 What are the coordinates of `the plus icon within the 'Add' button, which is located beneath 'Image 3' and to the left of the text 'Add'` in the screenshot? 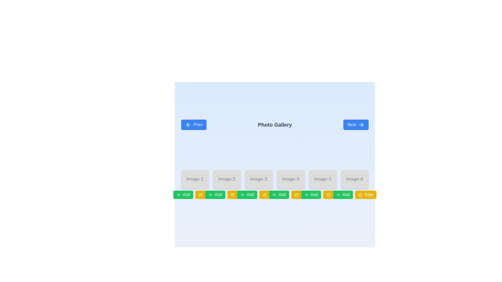 It's located at (210, 195).